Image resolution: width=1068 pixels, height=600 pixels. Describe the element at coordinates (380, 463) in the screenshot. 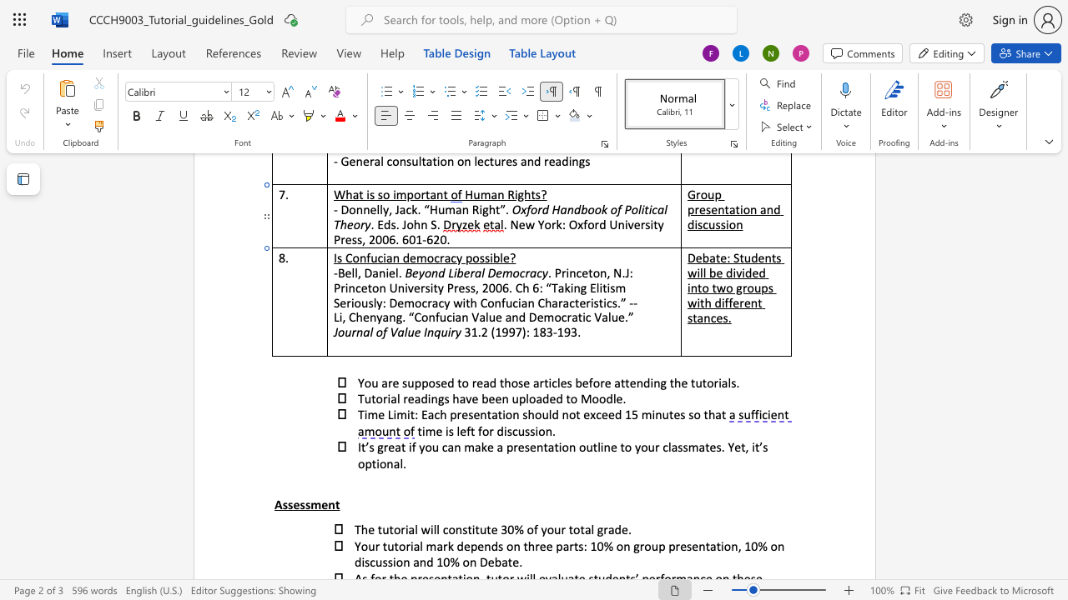

I see `the space between the continuous character "i" and "o" in the text` at that location.